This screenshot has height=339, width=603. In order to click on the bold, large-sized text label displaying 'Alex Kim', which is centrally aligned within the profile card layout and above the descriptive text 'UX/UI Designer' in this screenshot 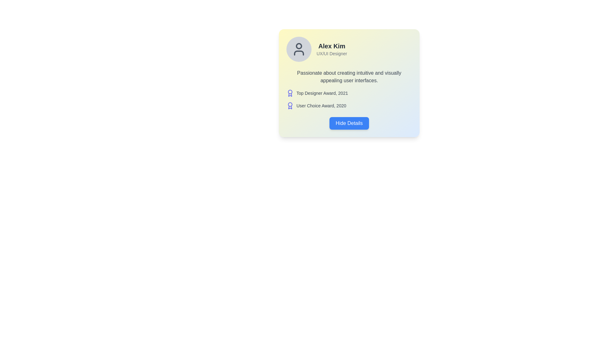, I will do `click(331, 46)`.